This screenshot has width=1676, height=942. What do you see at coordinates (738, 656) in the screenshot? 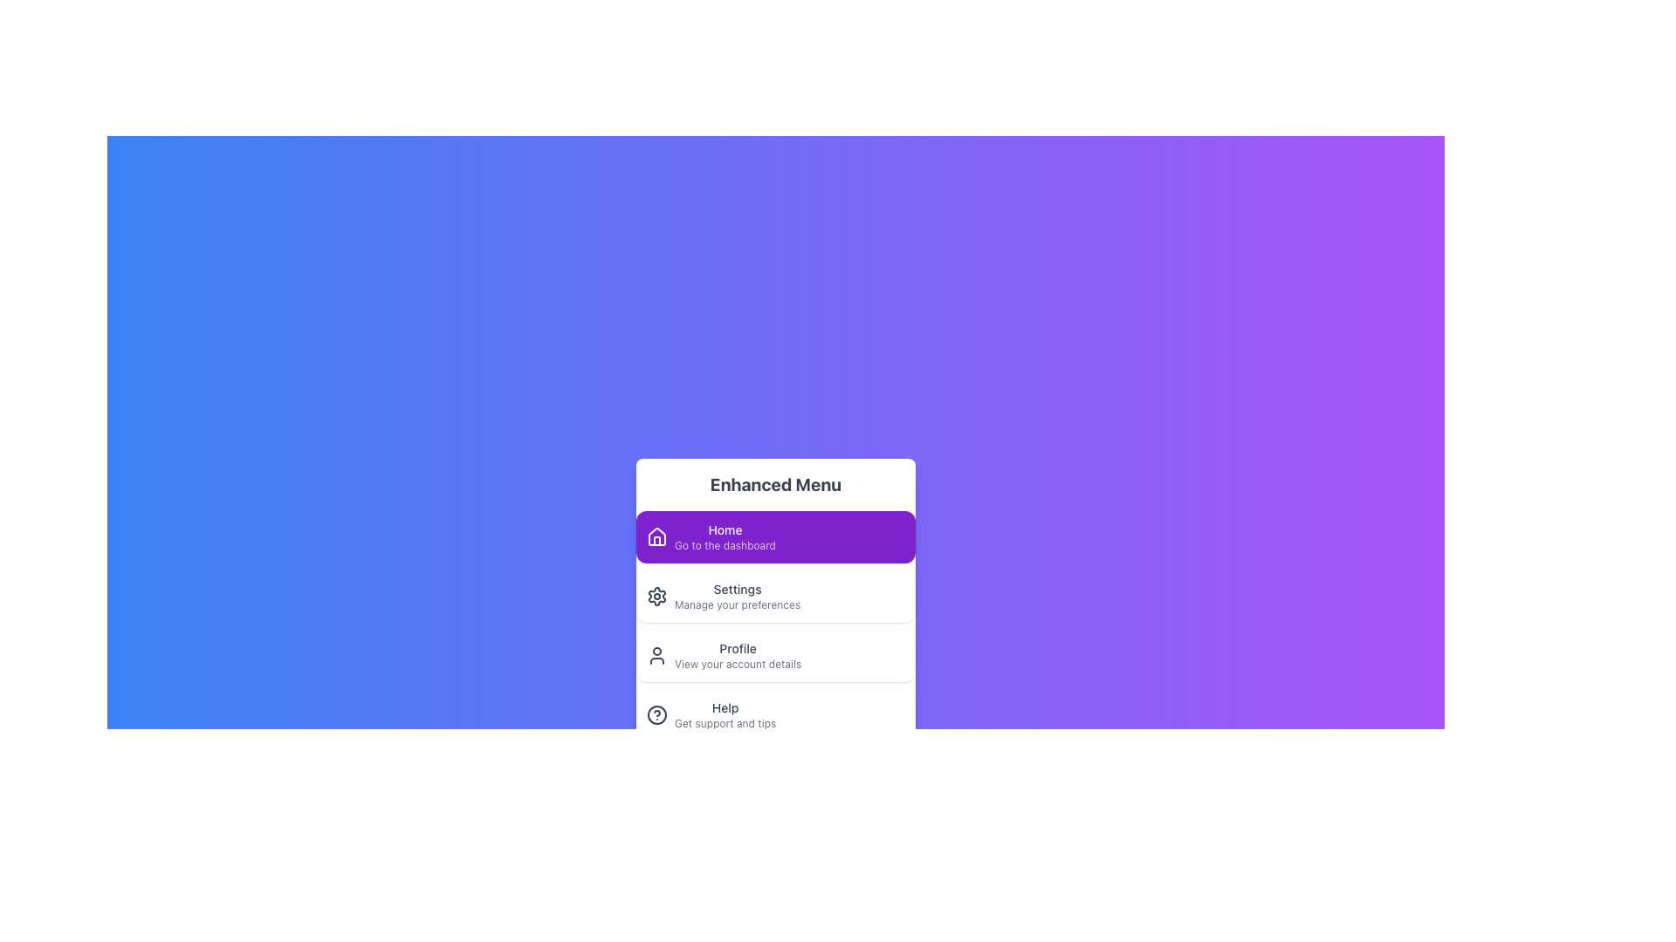
I see `the 'Profile' menu option in the Enhanced Menu` at bounding box center [738, 656].